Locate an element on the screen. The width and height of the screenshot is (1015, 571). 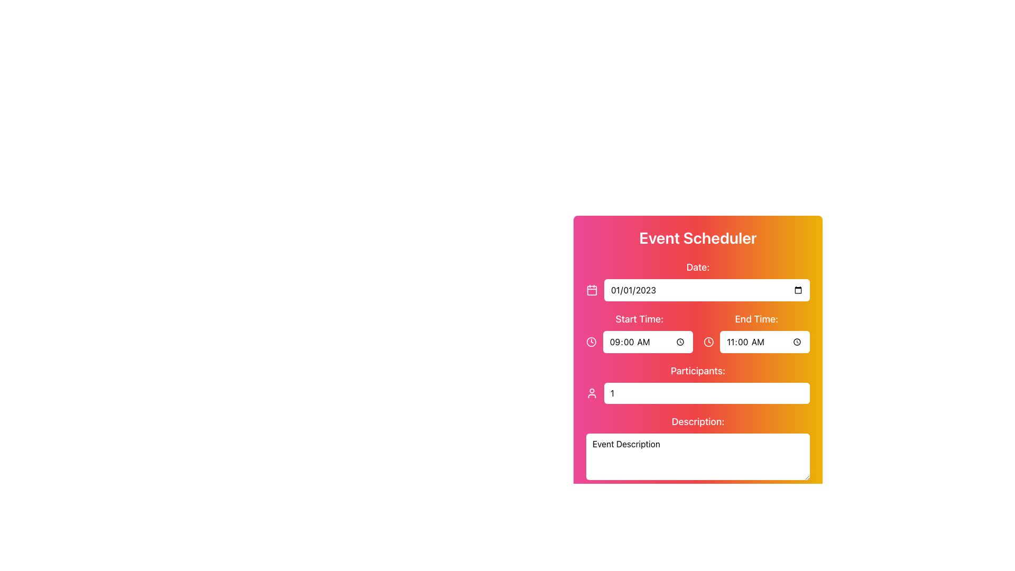
the Text Label that guides users to enter or select the event's start time, positioned beneath the 'Date:' input field and above the time input field is located at coordinates (639, 319).